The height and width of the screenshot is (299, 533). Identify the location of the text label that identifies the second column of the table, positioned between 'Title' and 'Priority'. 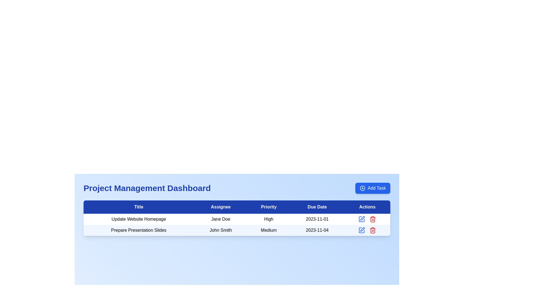
(220, 207).